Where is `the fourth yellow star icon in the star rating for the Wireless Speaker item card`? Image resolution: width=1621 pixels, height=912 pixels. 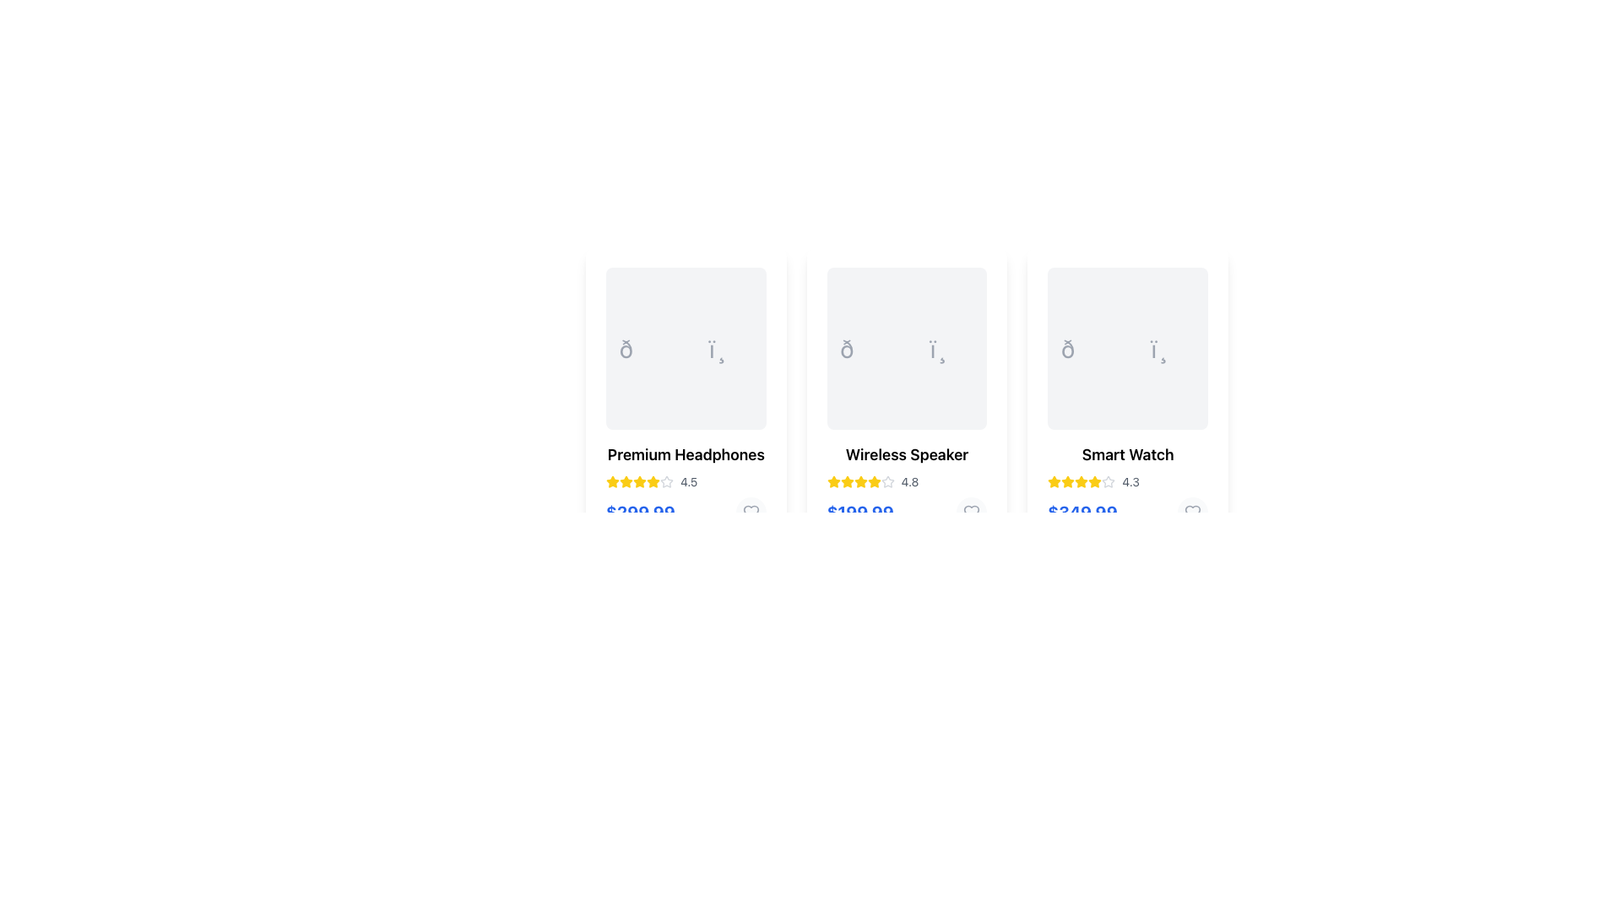 the fourth yellow star icon in the star rating for the Wireless Speaker item card is located at coordinates (860, 481).